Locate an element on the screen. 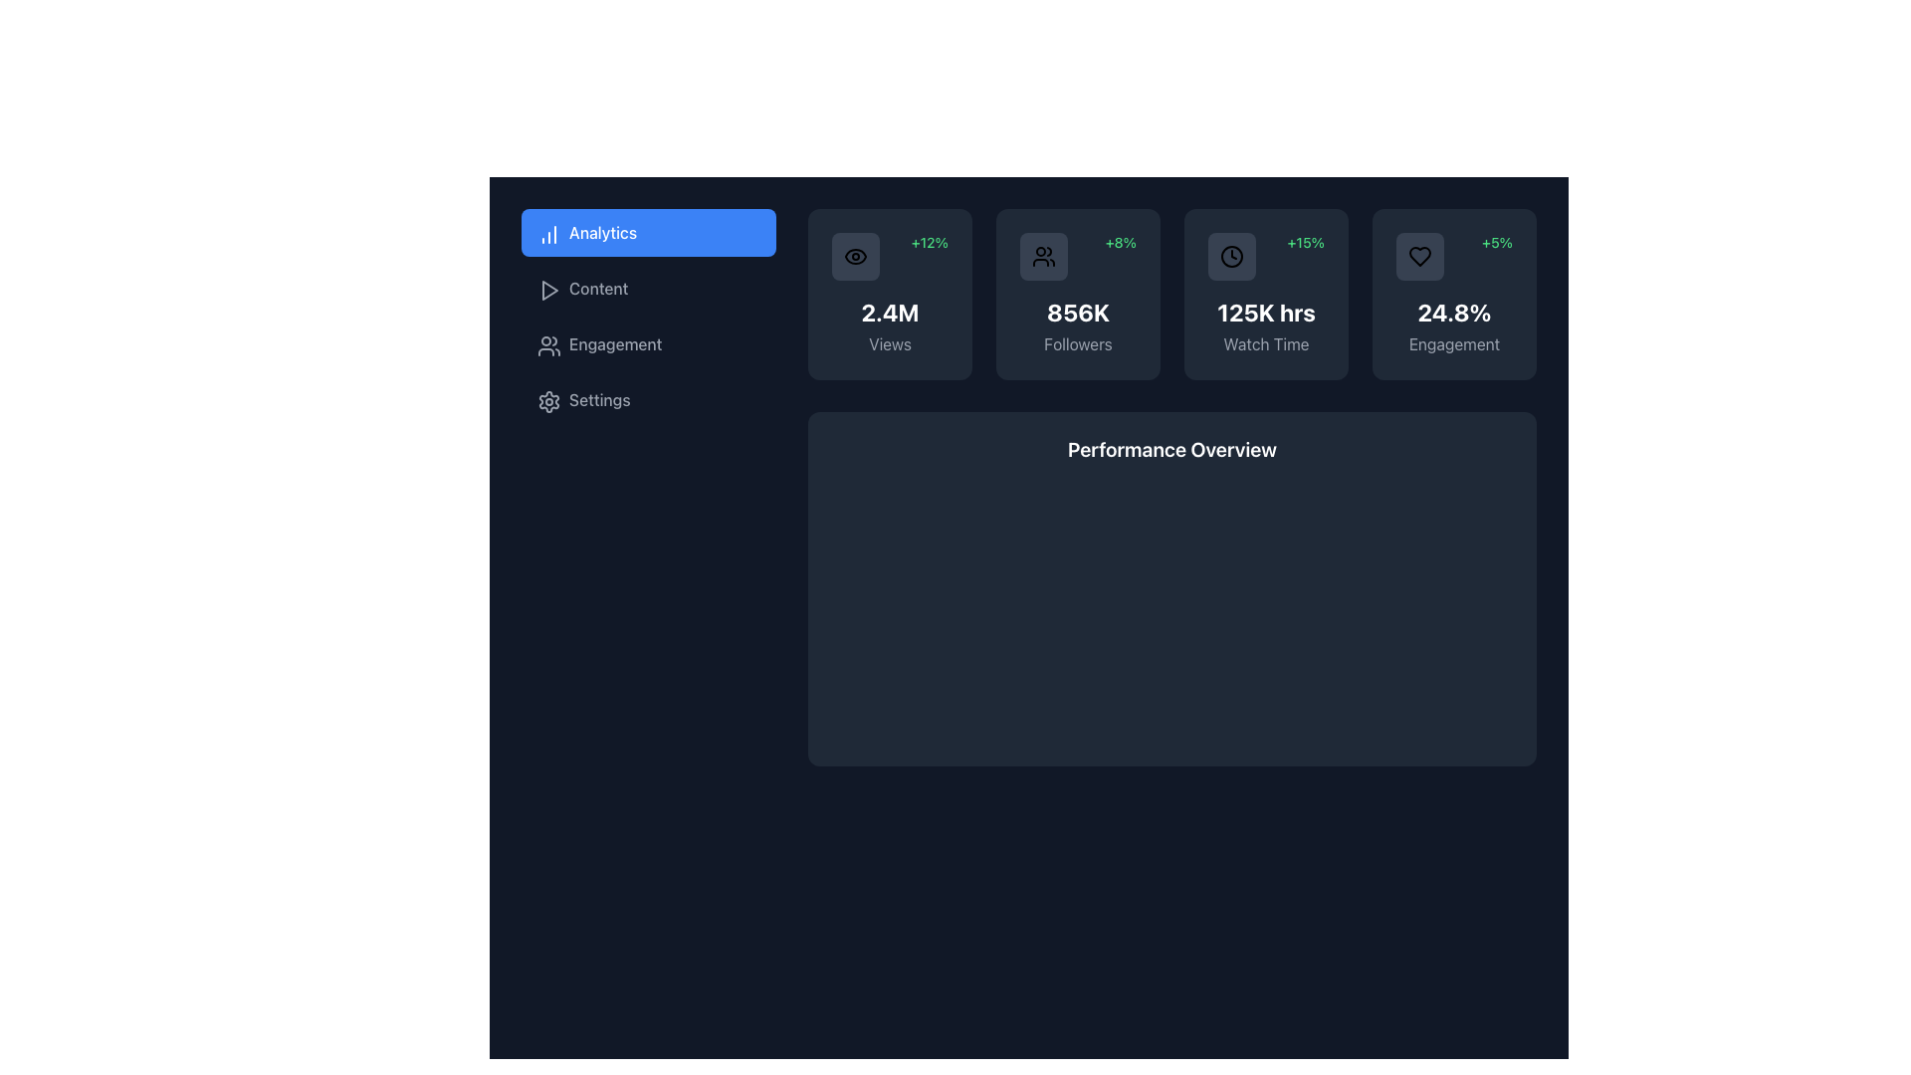 The image size is (1911, 1075). the rounded rectangular dark gray icon with a clock symbol located in the top bar of the third statistics card from the left is located at coordinates (1231, 256).